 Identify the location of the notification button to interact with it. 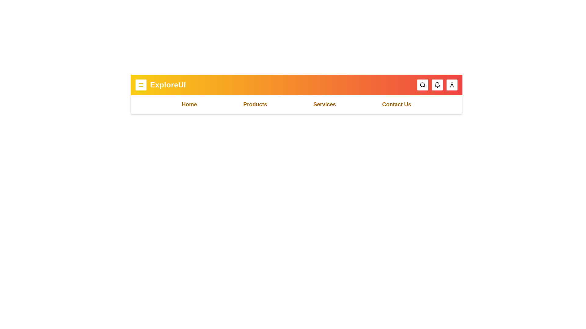
(437, 85).